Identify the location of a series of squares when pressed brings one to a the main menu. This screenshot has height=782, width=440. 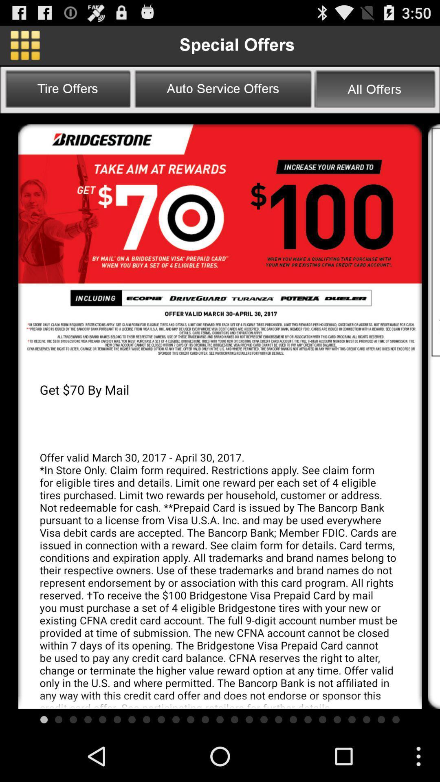
(24, 45).